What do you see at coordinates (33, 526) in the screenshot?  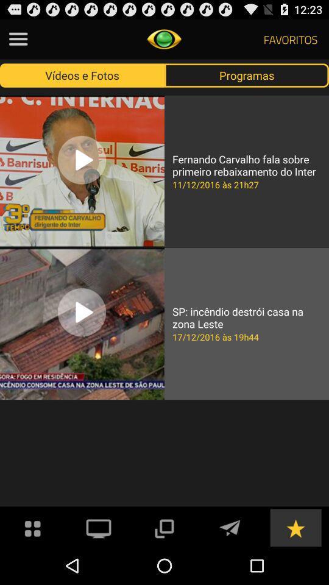 I see `icon view` at bounding box center [33, 526].